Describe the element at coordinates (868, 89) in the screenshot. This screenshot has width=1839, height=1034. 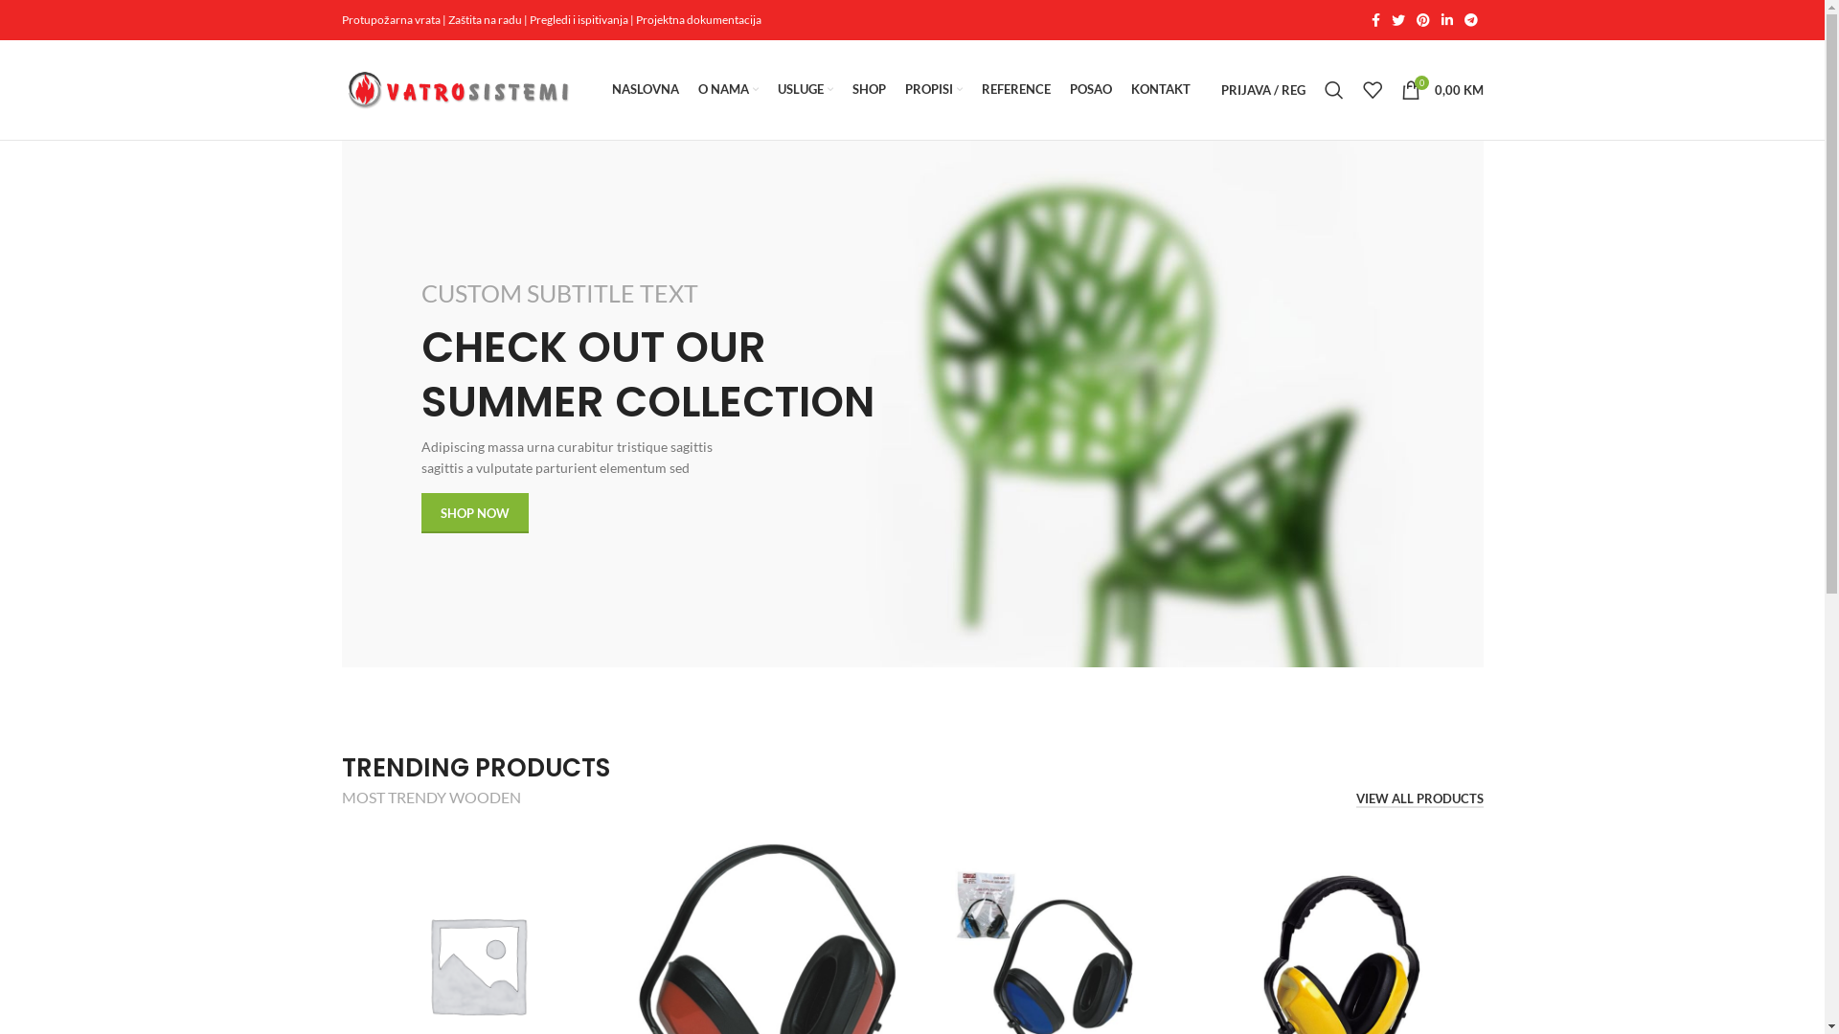
I see `'SHOP'` at that location.